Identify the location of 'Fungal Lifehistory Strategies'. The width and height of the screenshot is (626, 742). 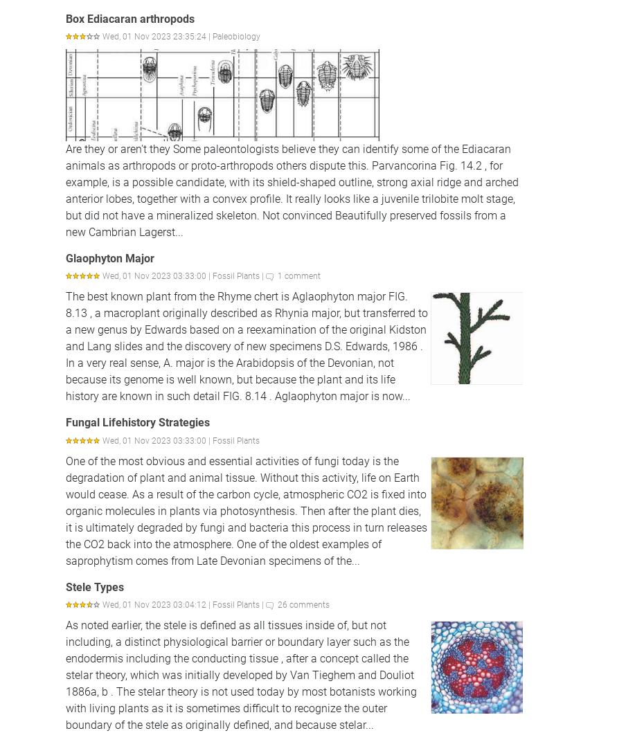
(66, 422).